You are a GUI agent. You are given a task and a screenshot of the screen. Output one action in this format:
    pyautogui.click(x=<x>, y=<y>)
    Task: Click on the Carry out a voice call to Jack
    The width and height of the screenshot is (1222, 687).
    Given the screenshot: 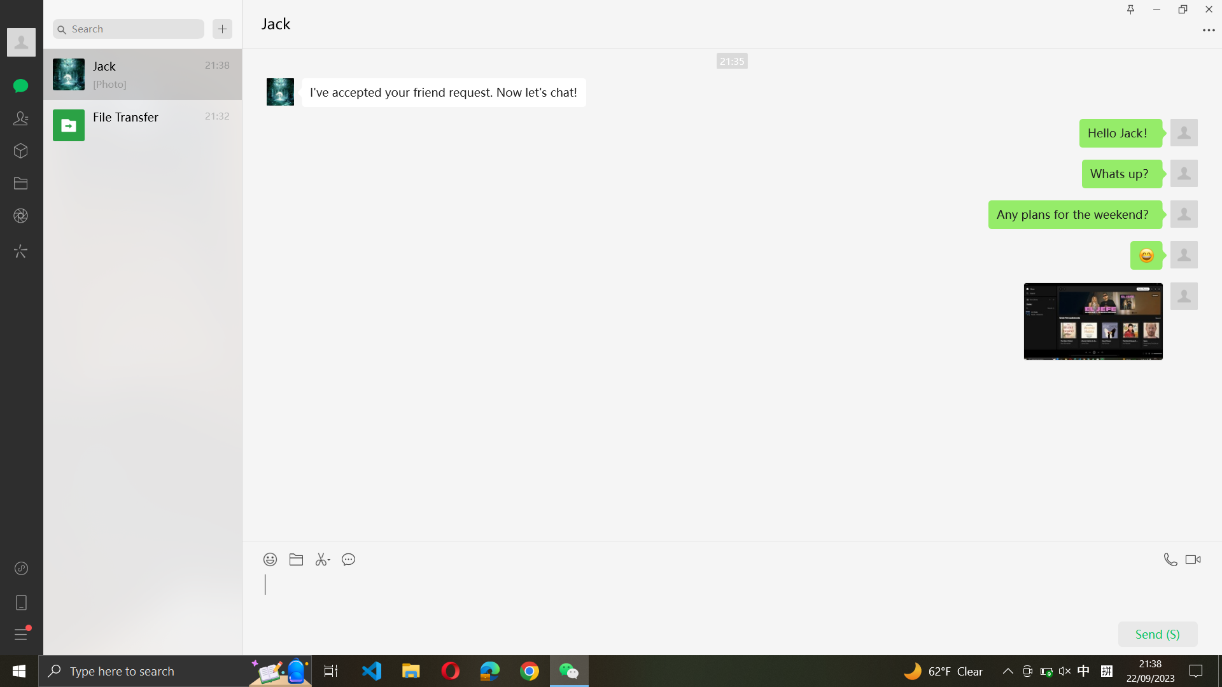 What is the action you would take?
    pyautogui.click(x=1169, y=556)
    